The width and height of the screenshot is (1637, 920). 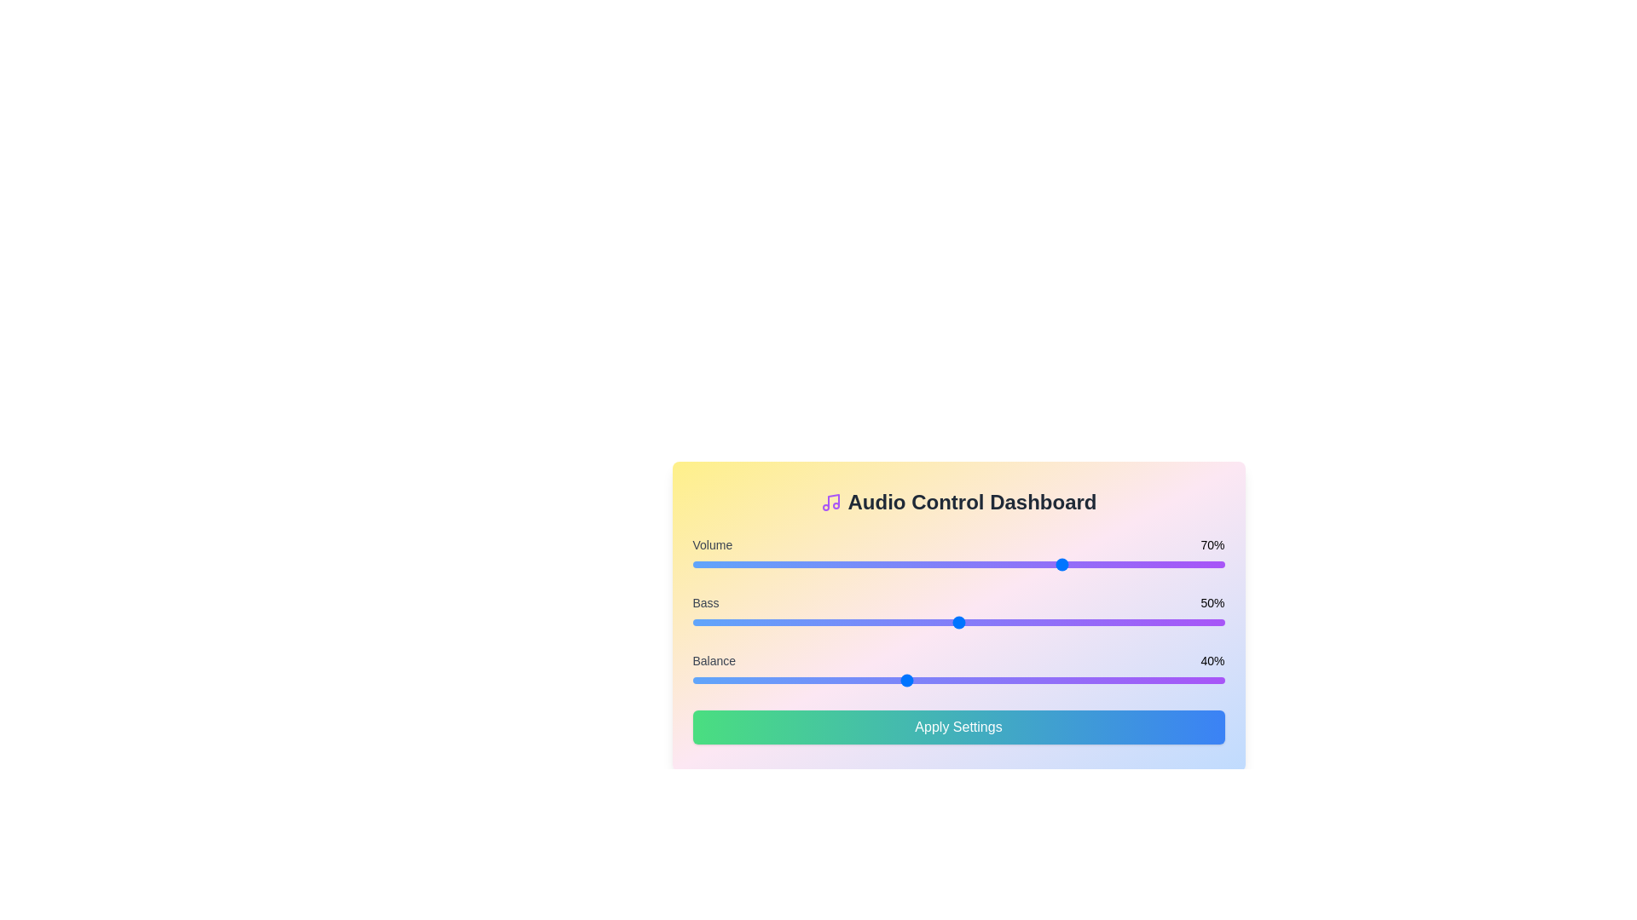 I want to click on balance, so click(x=766, y=679).